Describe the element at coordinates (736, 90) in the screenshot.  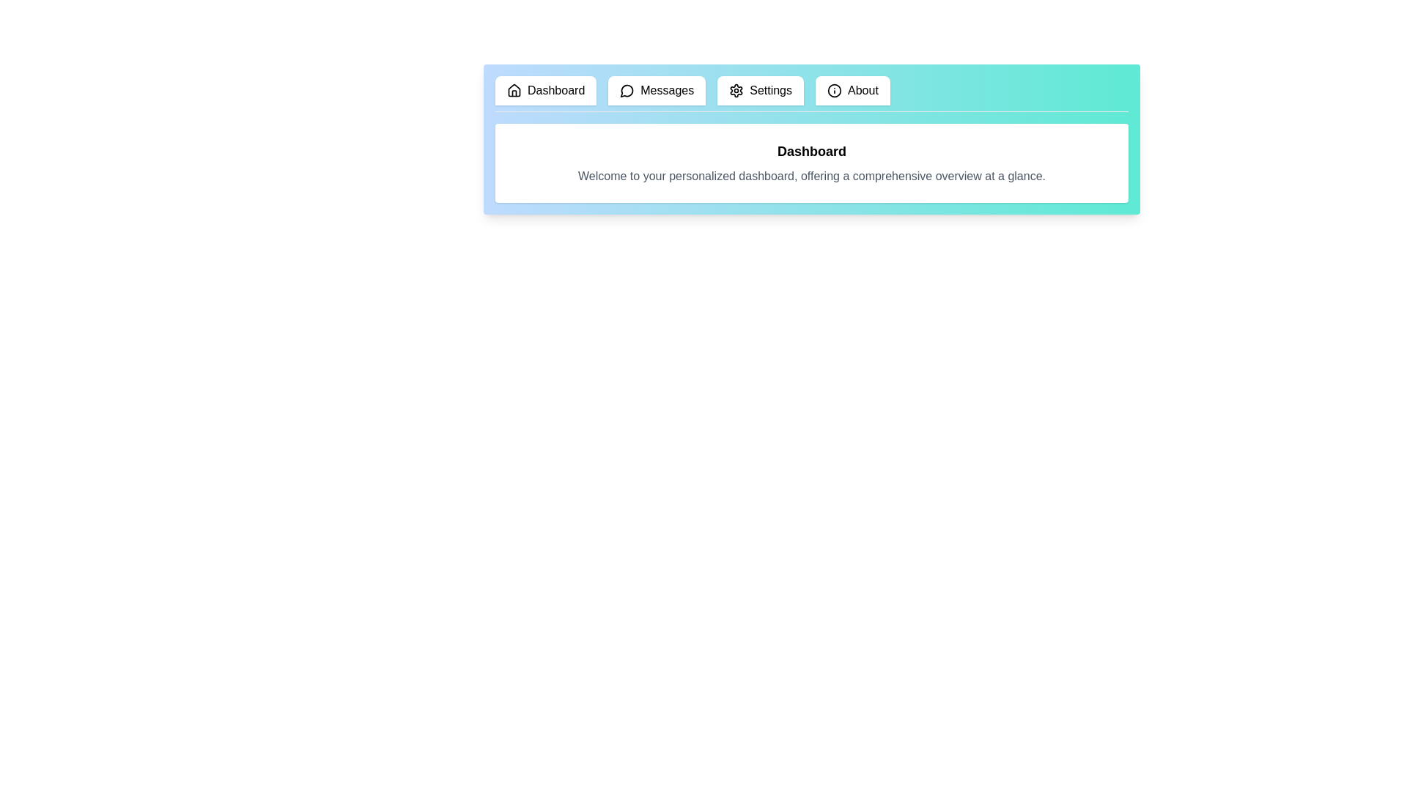
I see `the icon of the tab labeled Settings` at that location.